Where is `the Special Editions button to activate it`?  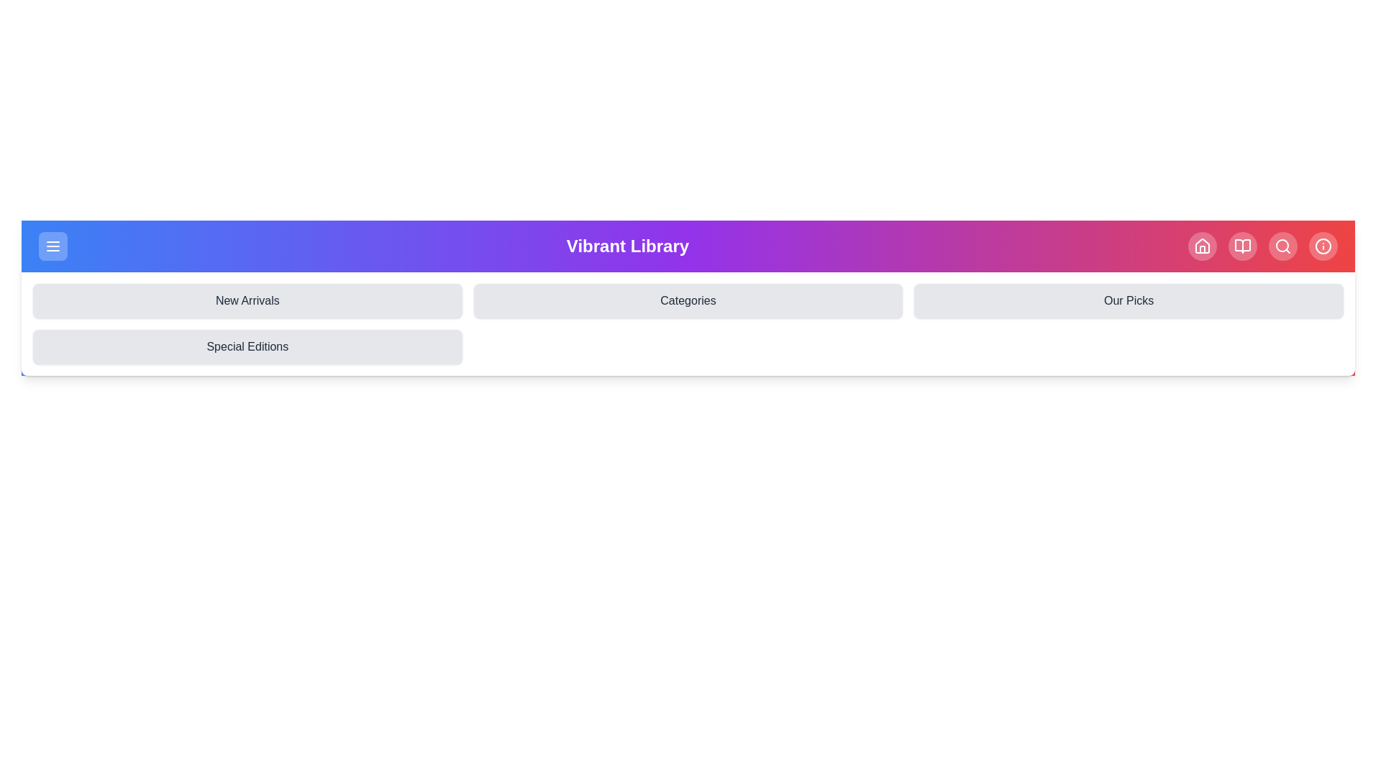
the Special Editions button to activate it is located at coordinates (247, 346).